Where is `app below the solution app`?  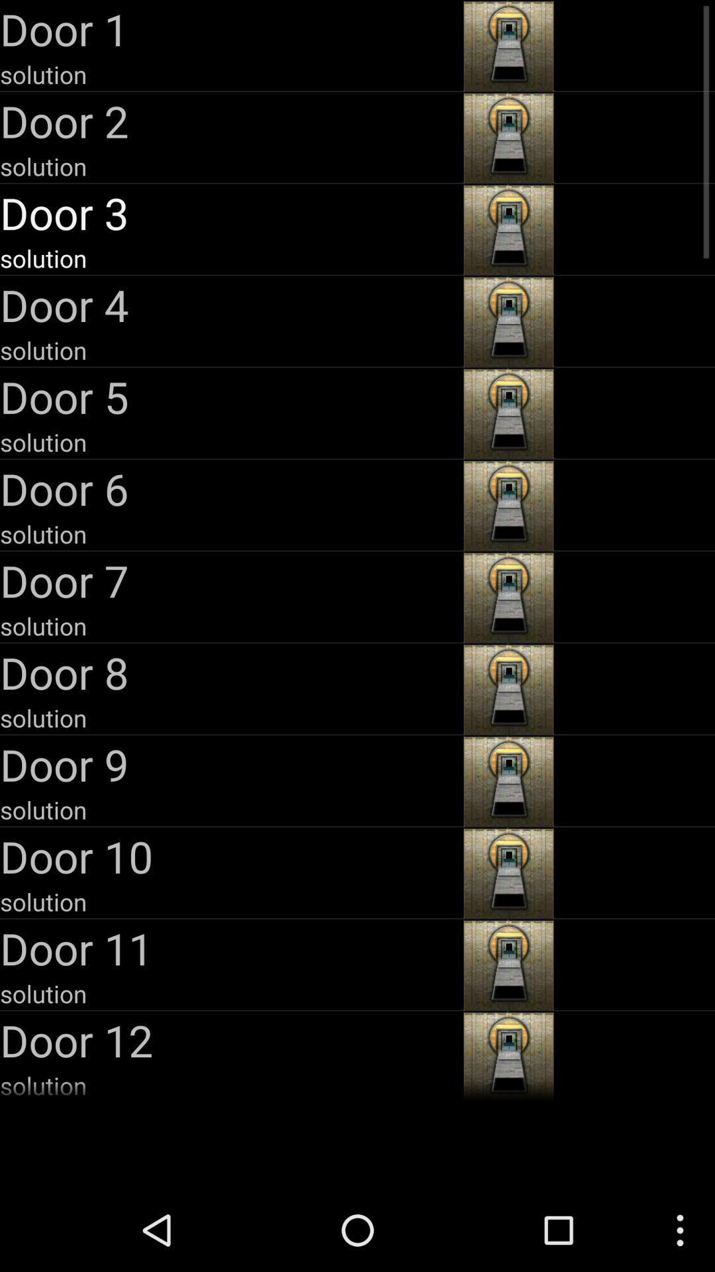
app below the solution app is located at coordinates (229, 1039).